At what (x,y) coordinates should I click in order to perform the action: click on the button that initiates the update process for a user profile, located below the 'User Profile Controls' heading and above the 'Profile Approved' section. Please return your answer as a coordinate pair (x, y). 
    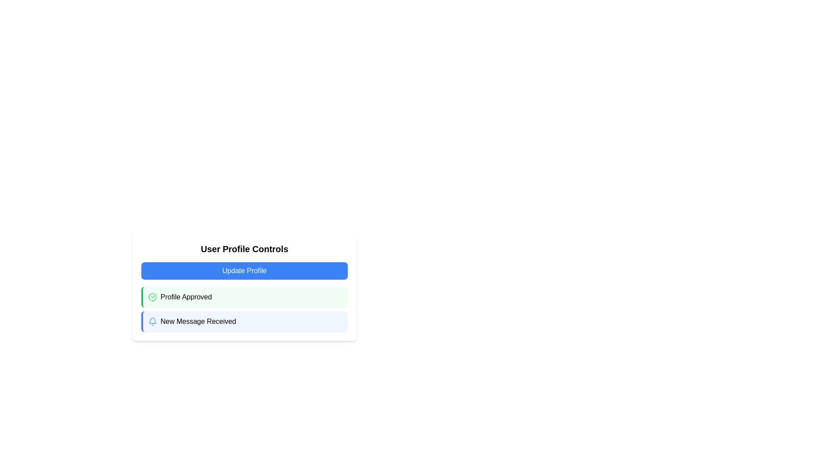
    Looking at the image, I should click on (244, 271).